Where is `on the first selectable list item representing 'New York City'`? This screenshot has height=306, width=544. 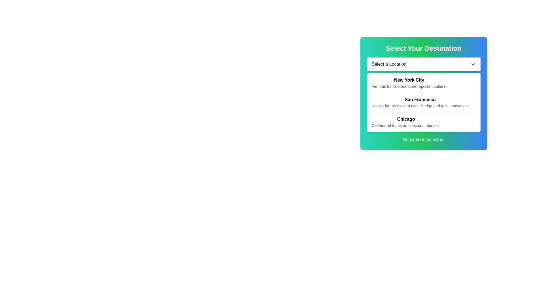 on the first selectable list item representing 'New York City' is located at coordinates (424, 83).